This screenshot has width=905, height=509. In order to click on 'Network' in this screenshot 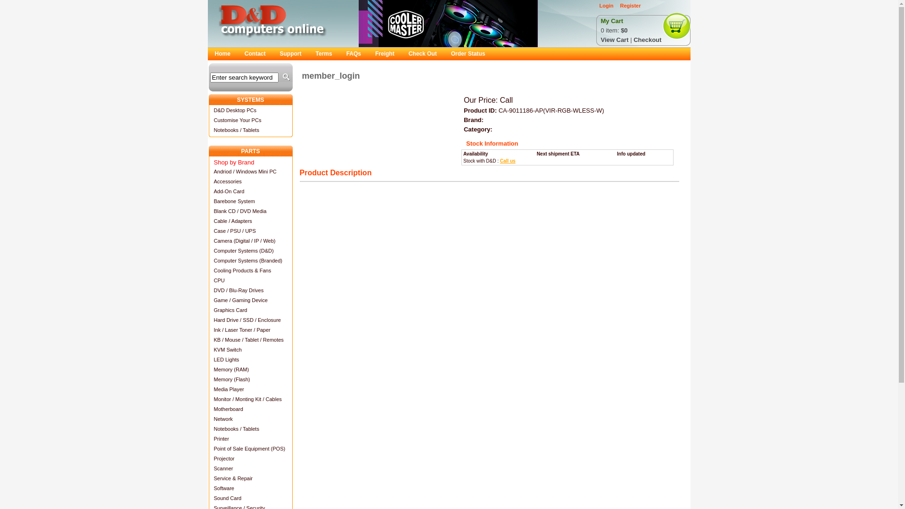, I will do `click(250, 418)`.